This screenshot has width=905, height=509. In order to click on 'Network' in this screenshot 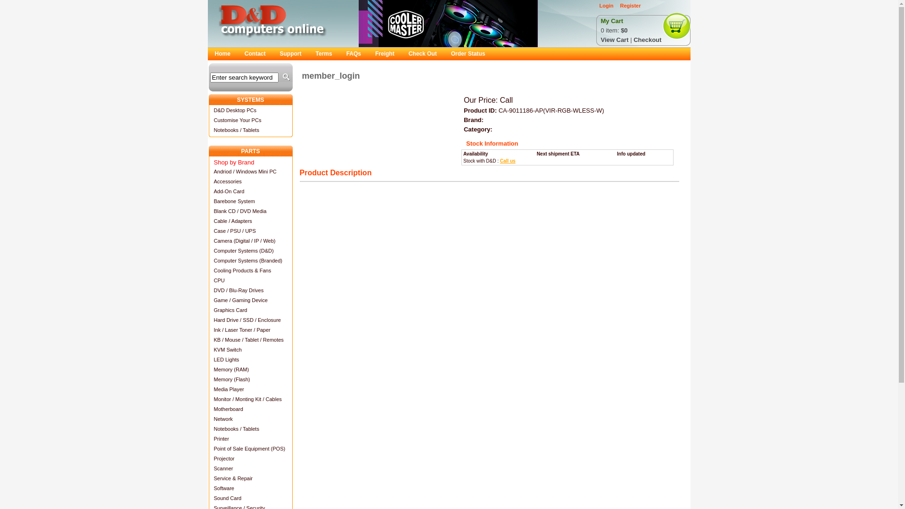, I will do `click(250, 418)`.